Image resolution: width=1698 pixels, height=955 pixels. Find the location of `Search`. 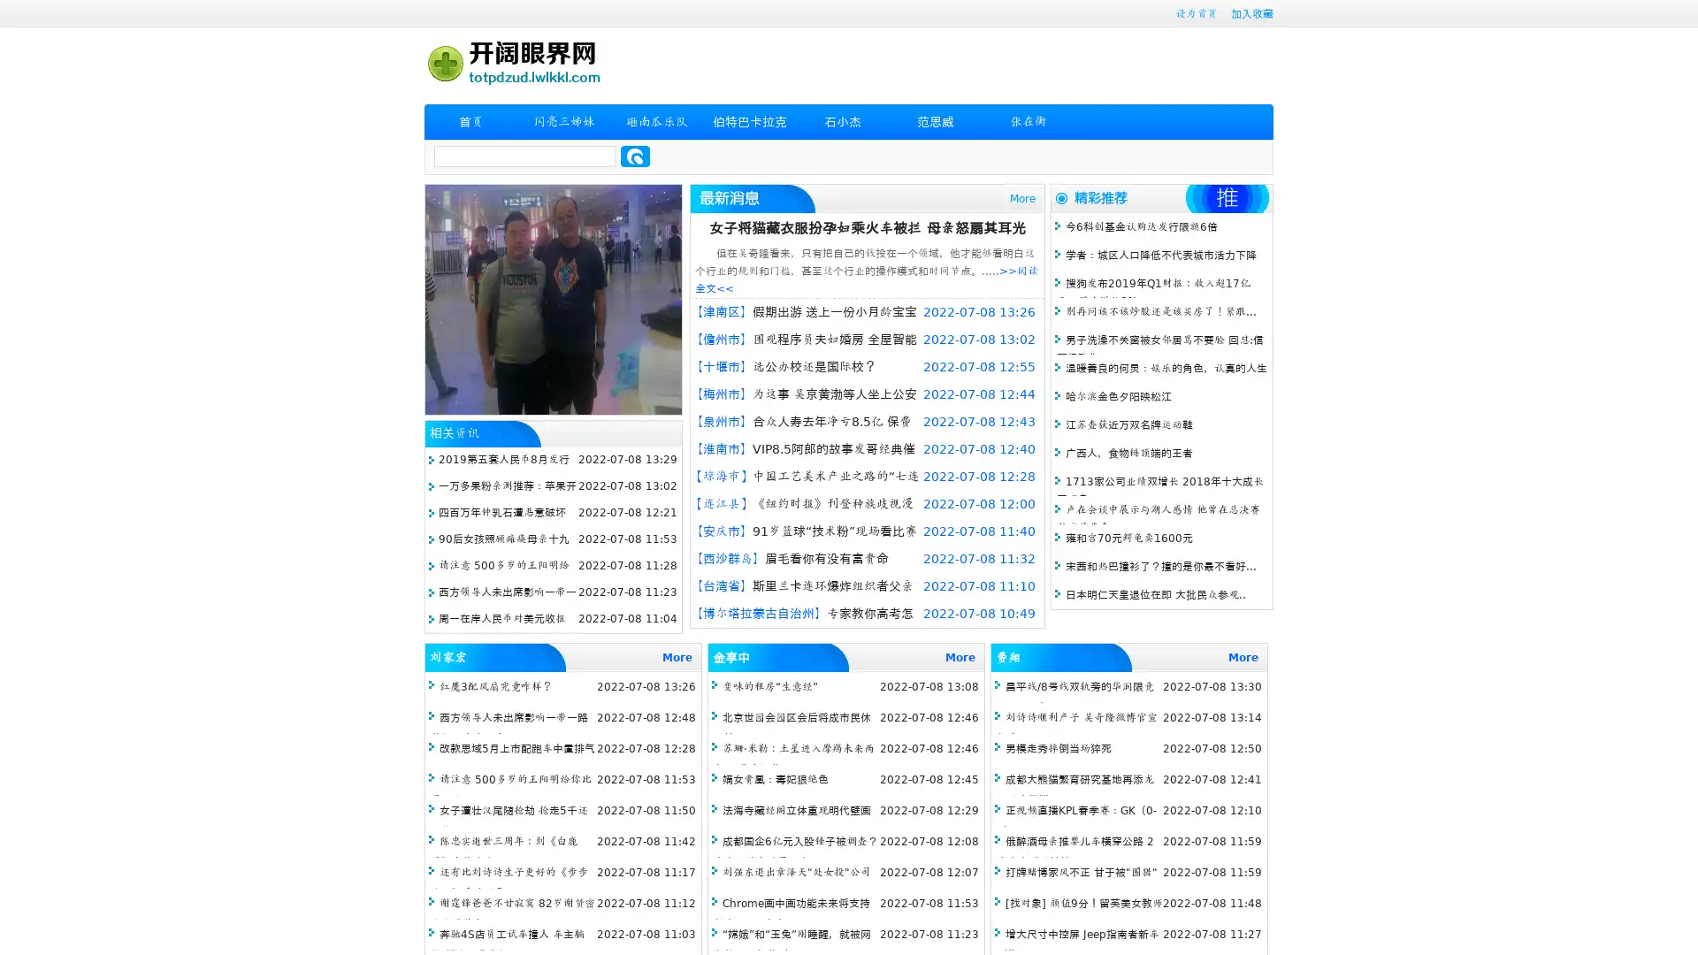

Search is located at coordinates (635, 156).